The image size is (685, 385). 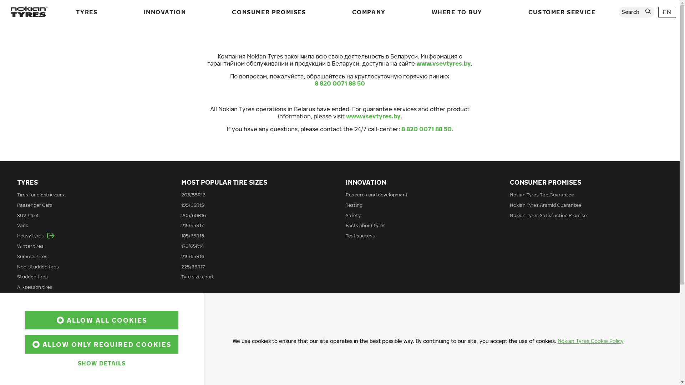 I want to click on 'Test success', so click(x=360, y=235).